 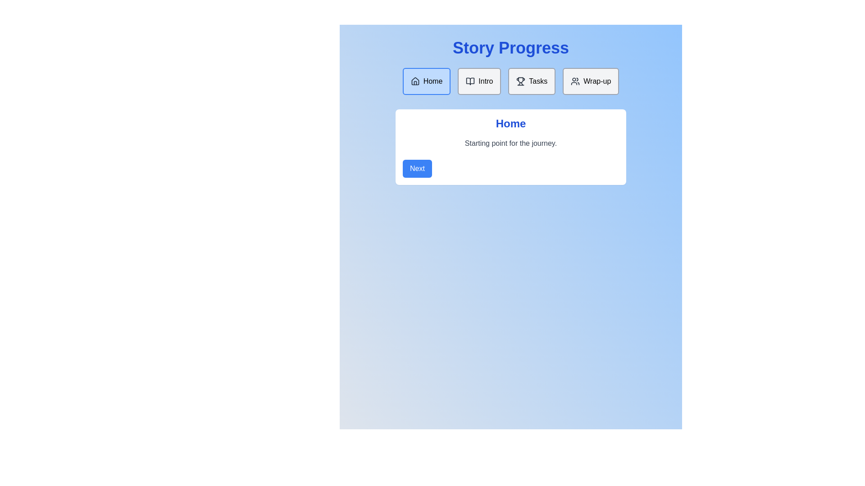 What do you see at coordinates (591, 81) in the screenshot?
I see `the navigation button corresponding to Wrap-up` at bounding box center [591, 81].